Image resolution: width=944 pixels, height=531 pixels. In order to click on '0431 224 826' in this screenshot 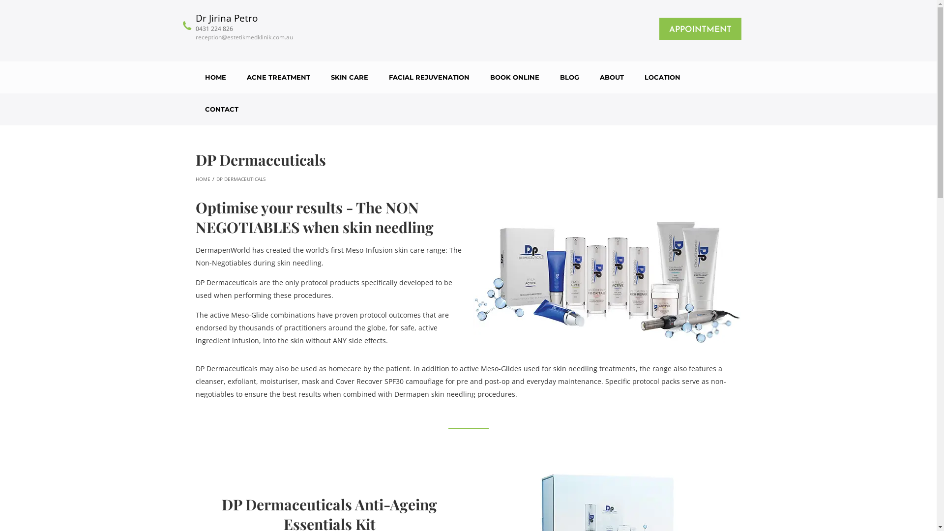, I will do `click(244, 28)`.